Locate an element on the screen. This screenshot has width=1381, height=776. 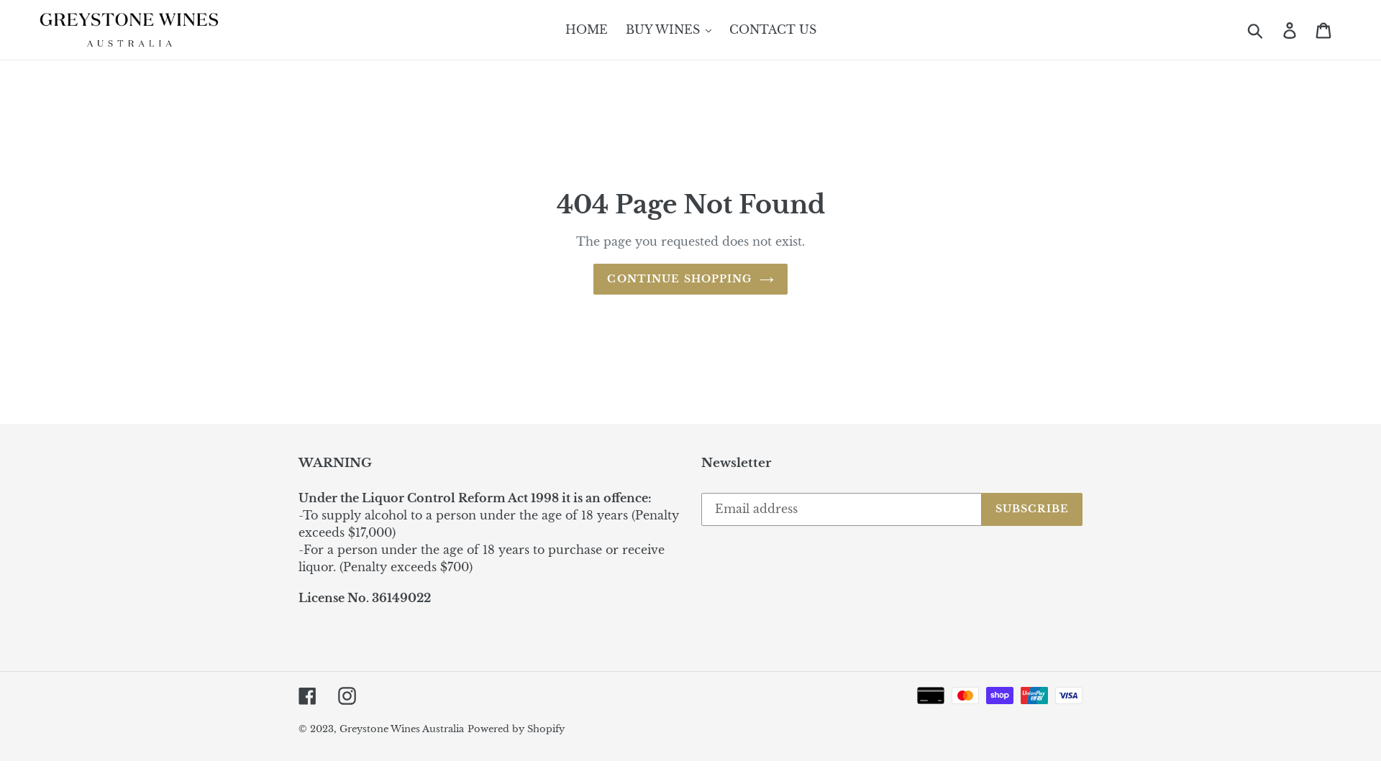
'CONTACT US' is located at coordinates (772, 29).